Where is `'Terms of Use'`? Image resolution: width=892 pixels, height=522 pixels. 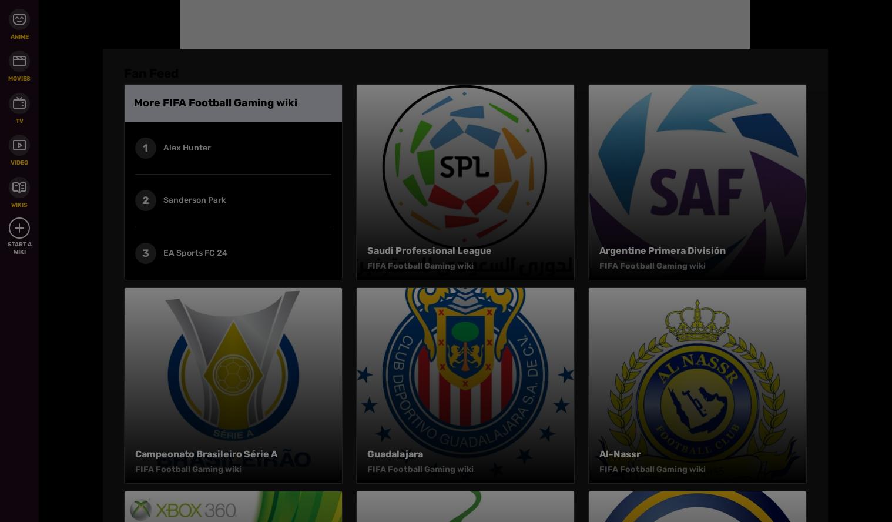 'Terms of Use' is located at coordinates (347, 29).